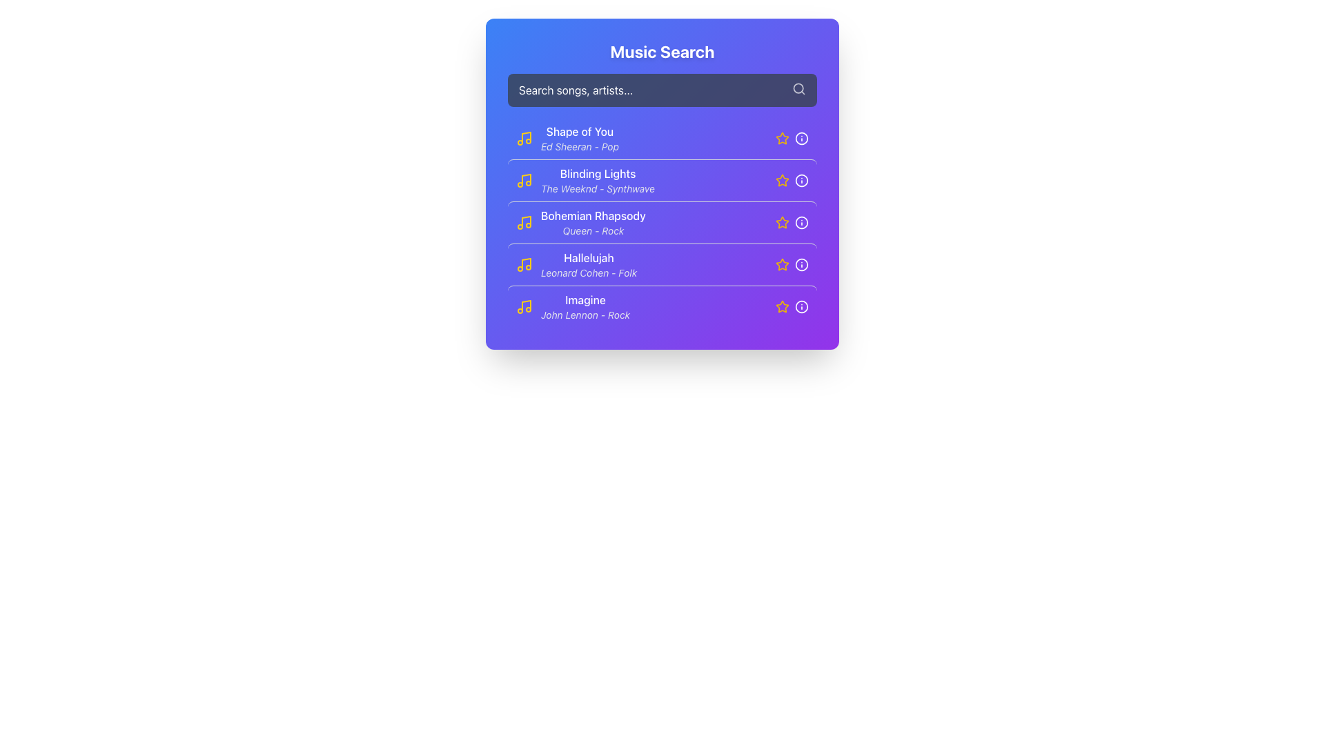 Image resolution: width=1325 pixels, height=745 pixels. Describe the element at coordinates (662, 222) in the screenshot. I see `the info button associated with the song 'Bohemian Rhapsody' by 'Queen' in the music search list` at that location.